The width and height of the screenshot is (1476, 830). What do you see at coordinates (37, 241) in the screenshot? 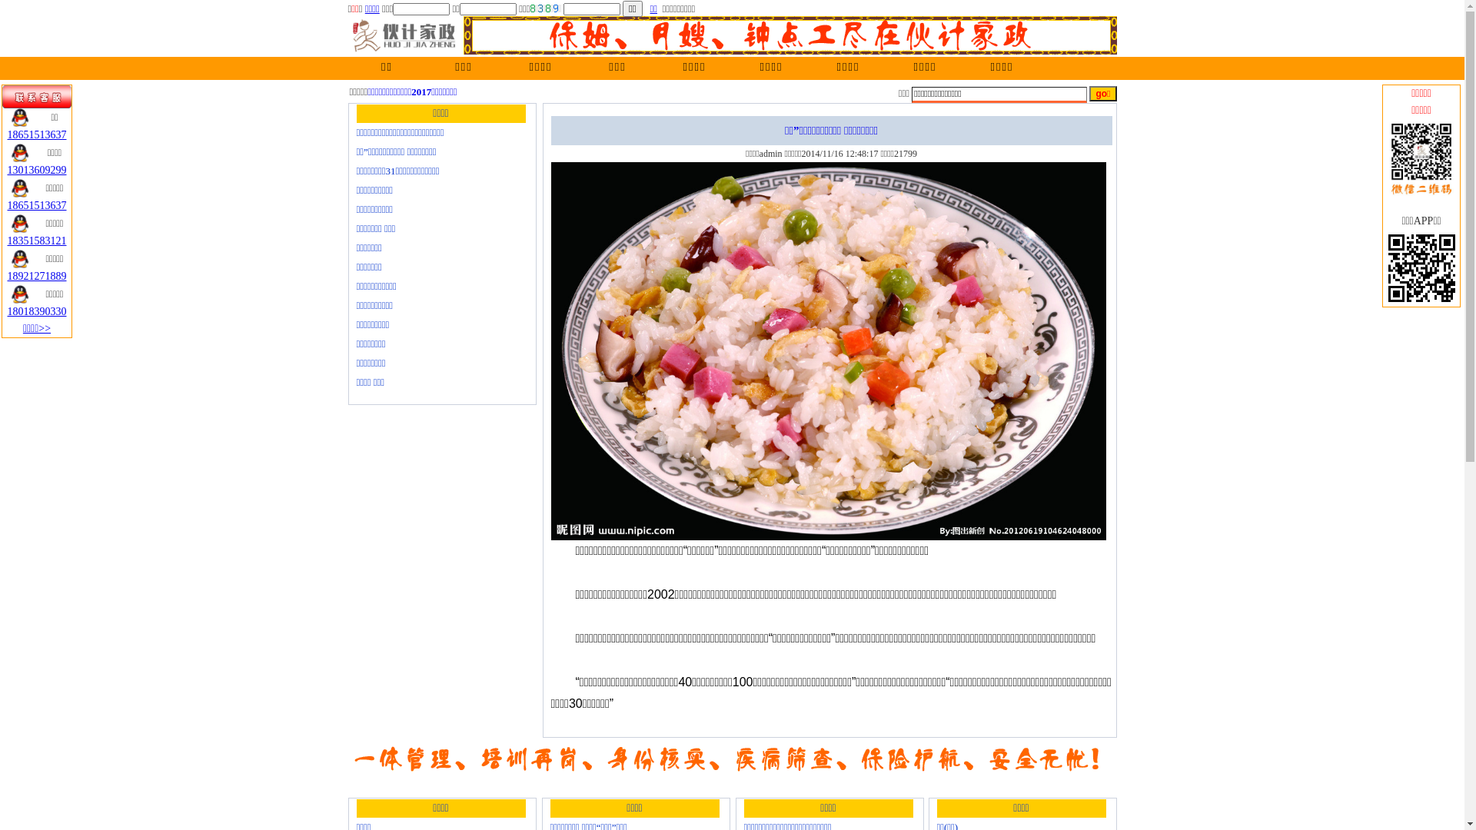
I see `'18351583121'` at bounding box center [37, 241].